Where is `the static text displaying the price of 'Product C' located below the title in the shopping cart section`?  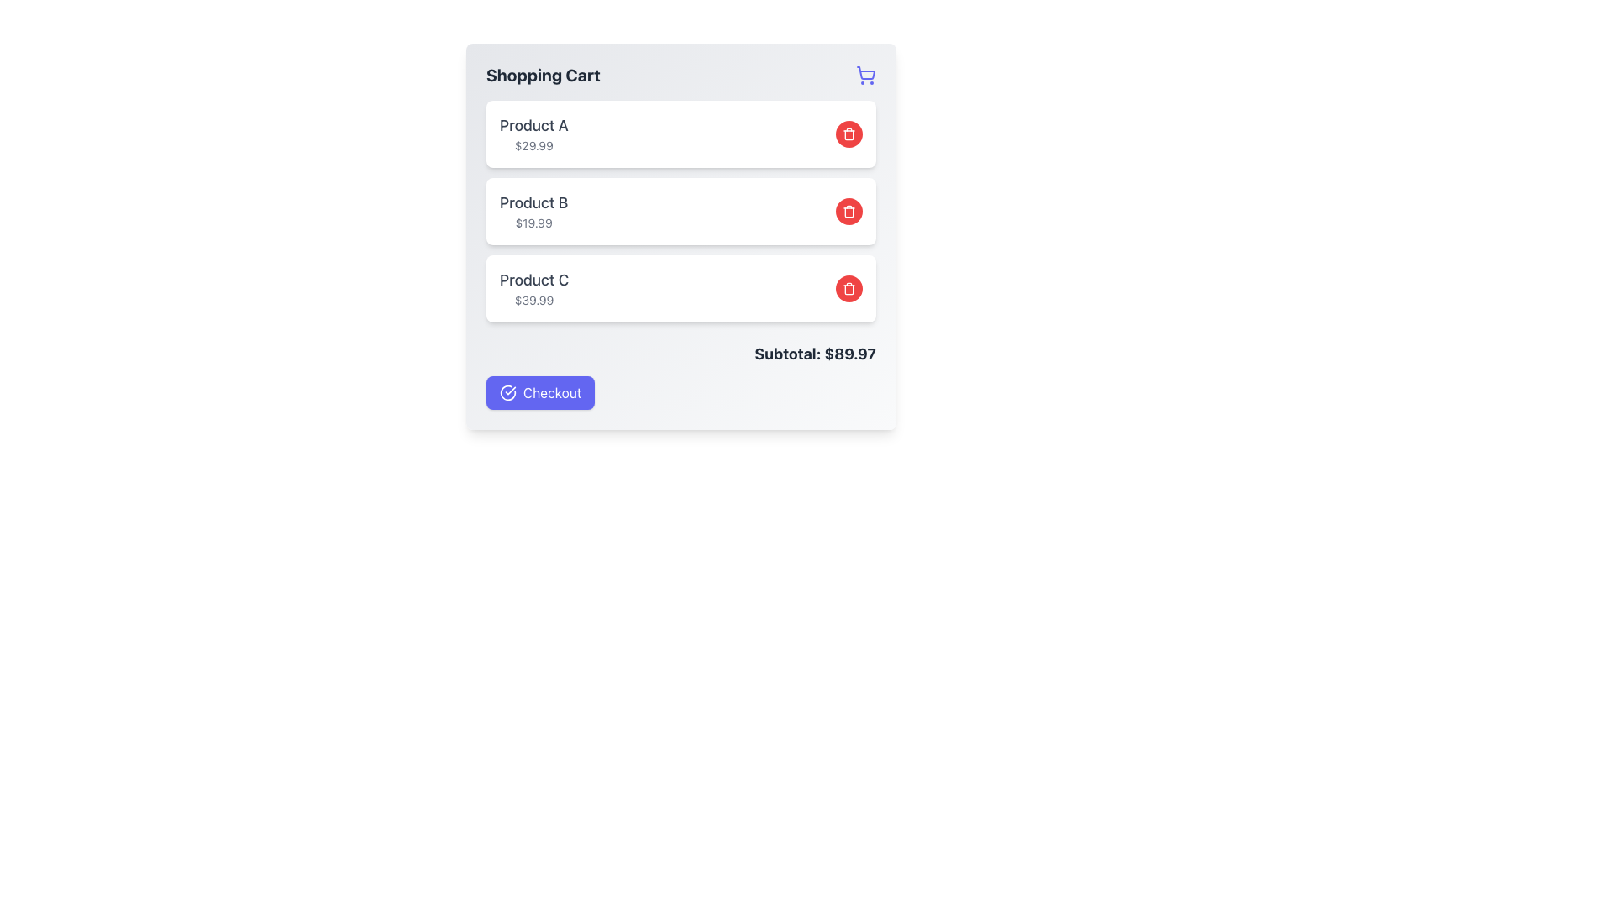
the static text displaying the price of 'Product C' located below the title in the shopping cart section is located at coordinates (533, 300).